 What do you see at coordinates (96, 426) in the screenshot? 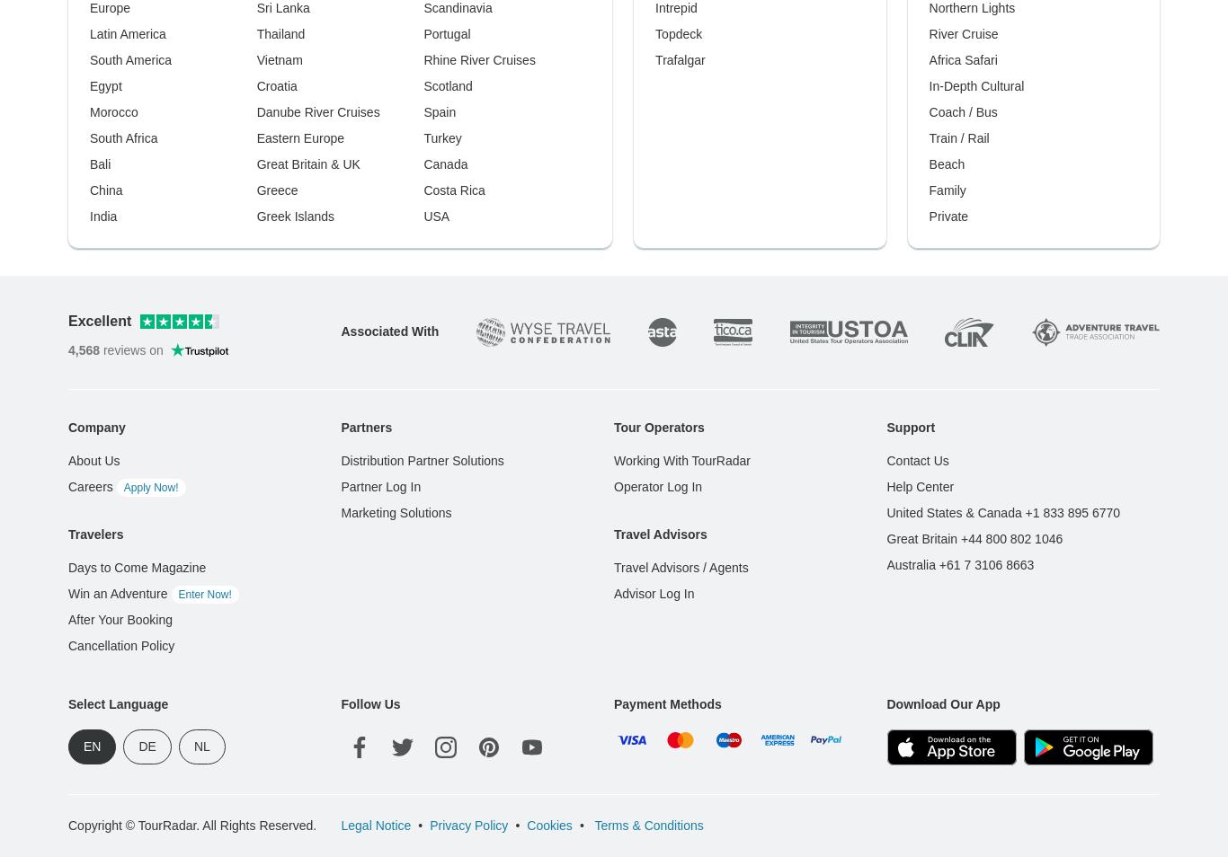
I see `'Company'` at bounding box center [96, 426].